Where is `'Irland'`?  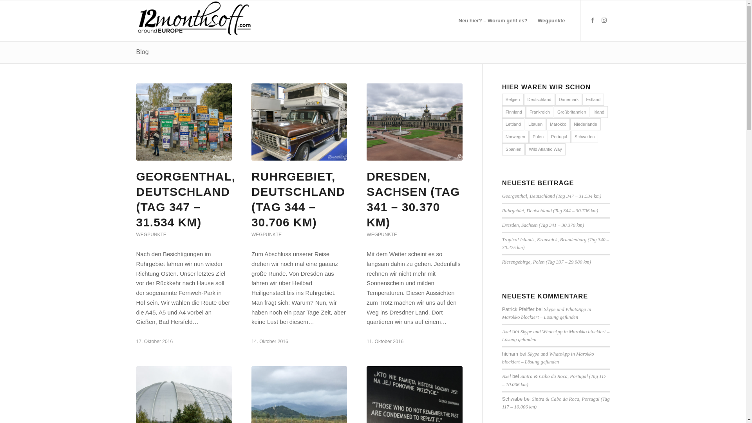
'Irland' is located at coordinates (598, 112).